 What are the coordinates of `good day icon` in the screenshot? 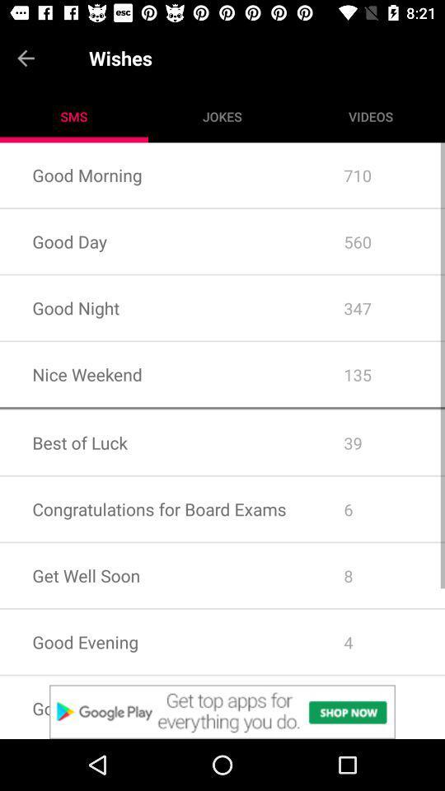 It's located at (156, 241).